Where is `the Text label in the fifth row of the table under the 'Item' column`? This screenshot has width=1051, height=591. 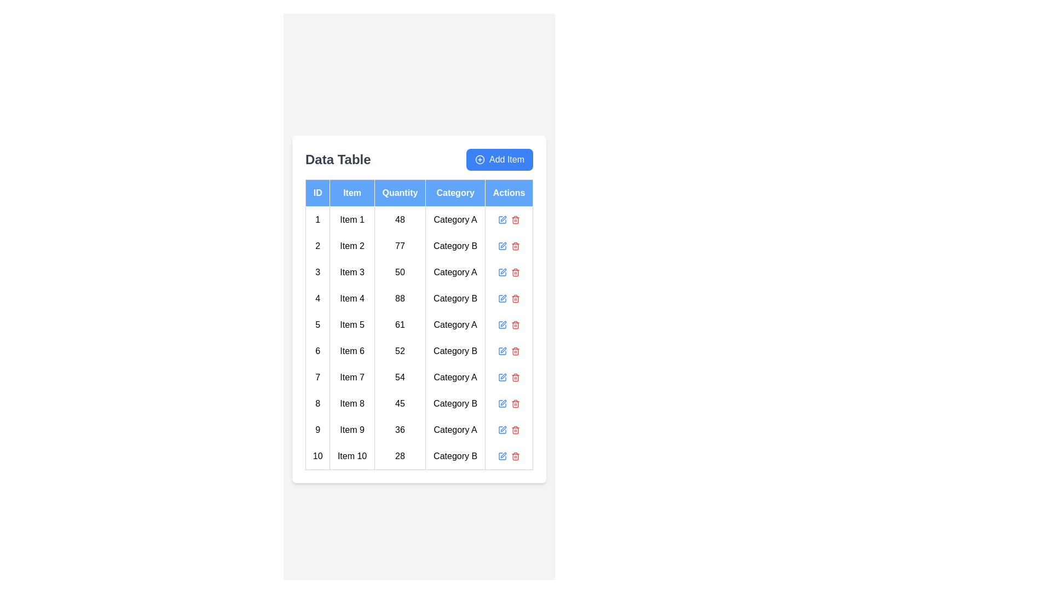
the Text label in the fifth row of the table under the 'Item' column is located at coordinates (352, 324).